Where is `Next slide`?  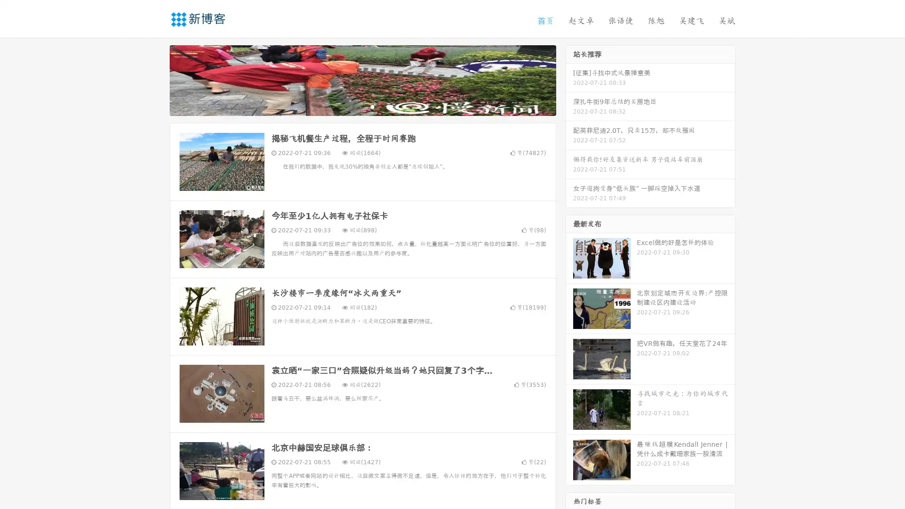
Next slide is located at coordinates (569, 79).